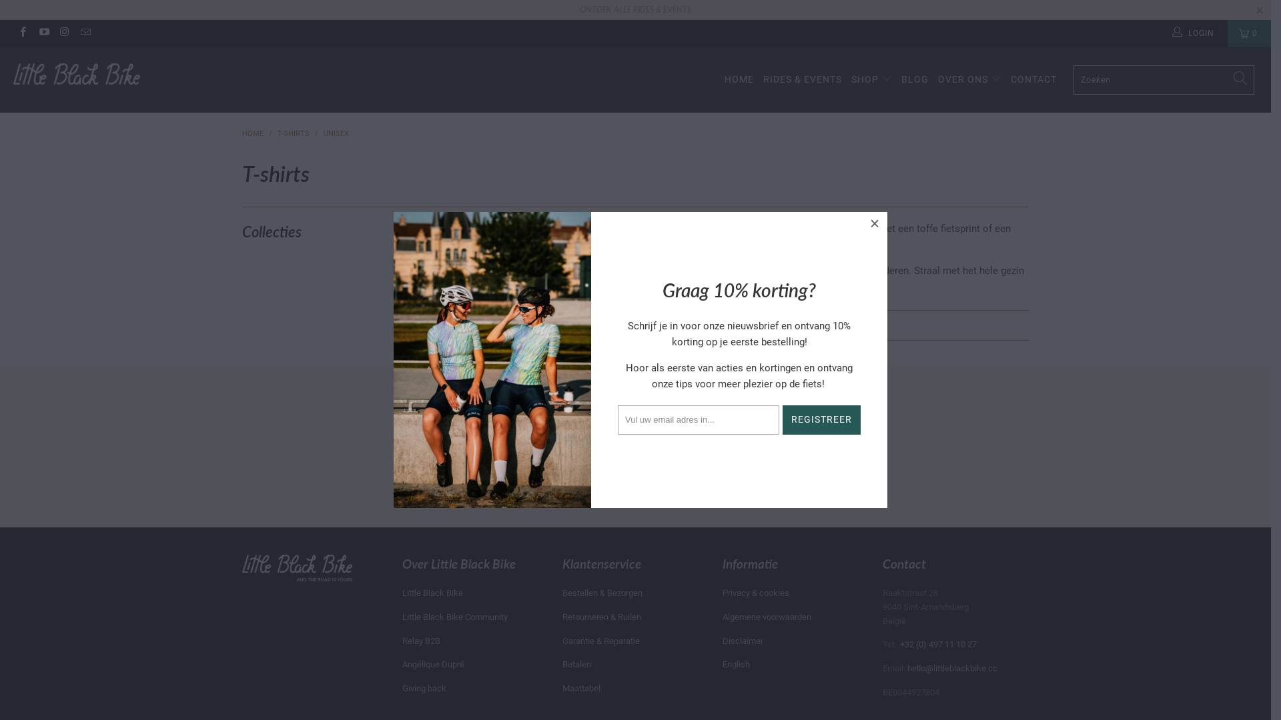  Describe the element at coordinates (422, 688) in the screenshot. I see `'Giving back'` at that location.